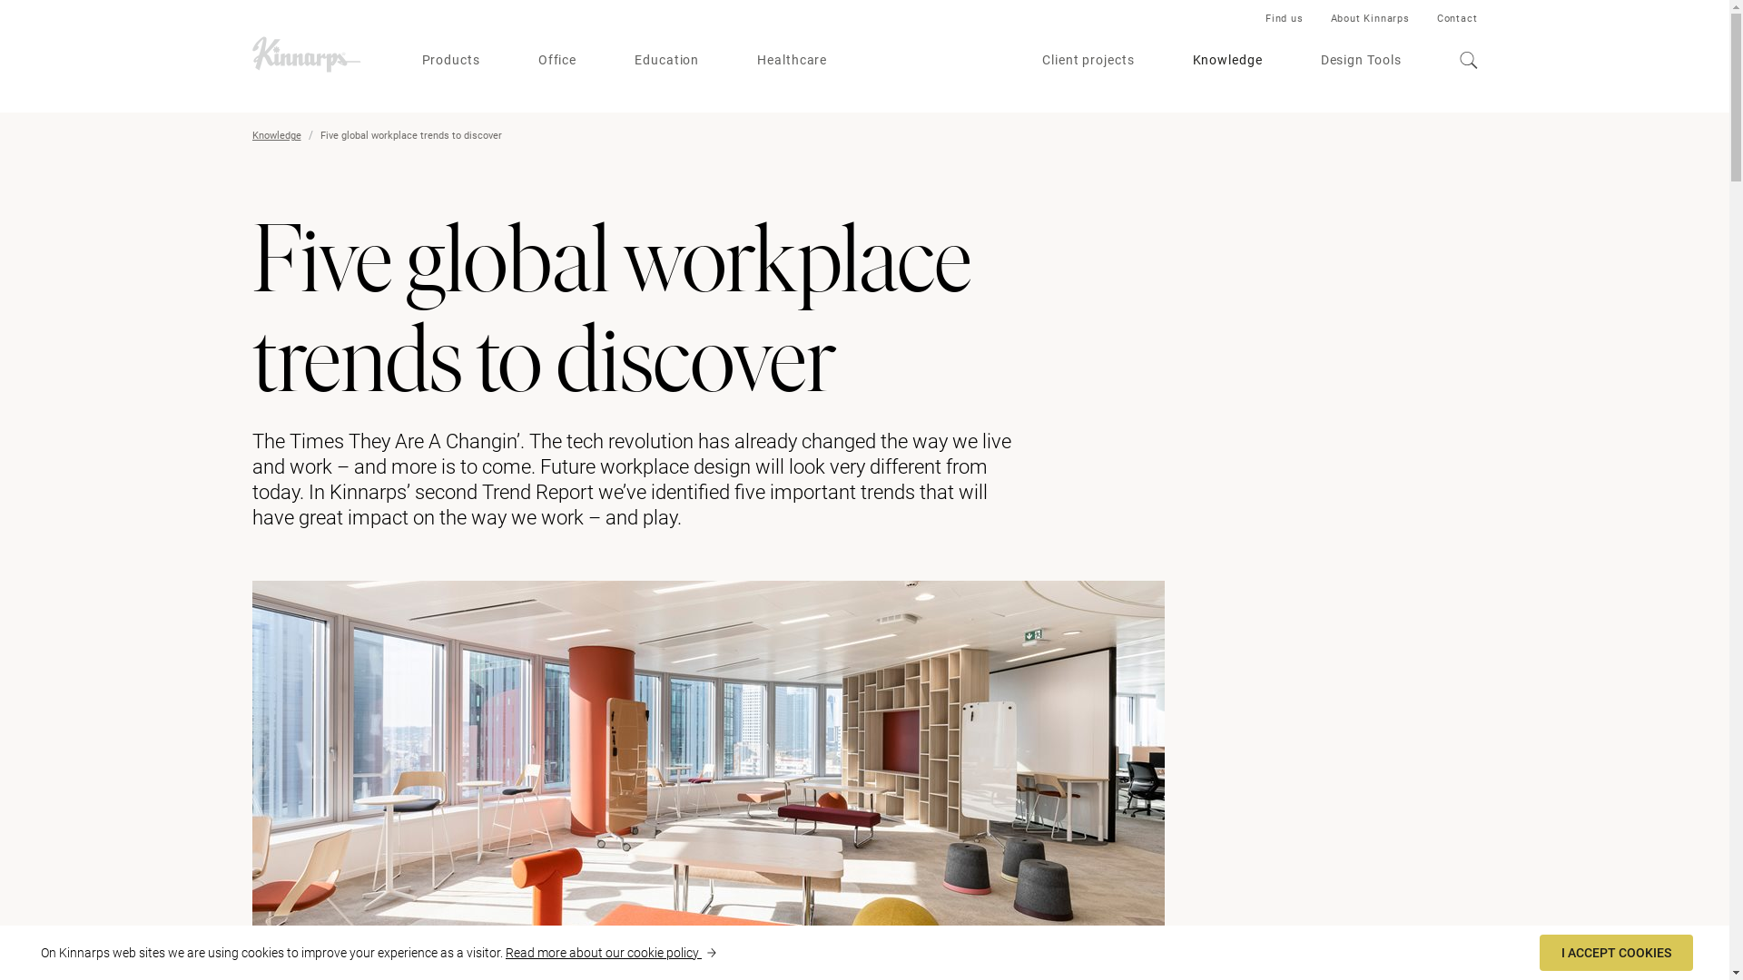 The width and height of the screenshot is (1743, 980). Describe the element at coordinates (1361, 59) in the screenshot. I see `'Design Tools'` at that location.